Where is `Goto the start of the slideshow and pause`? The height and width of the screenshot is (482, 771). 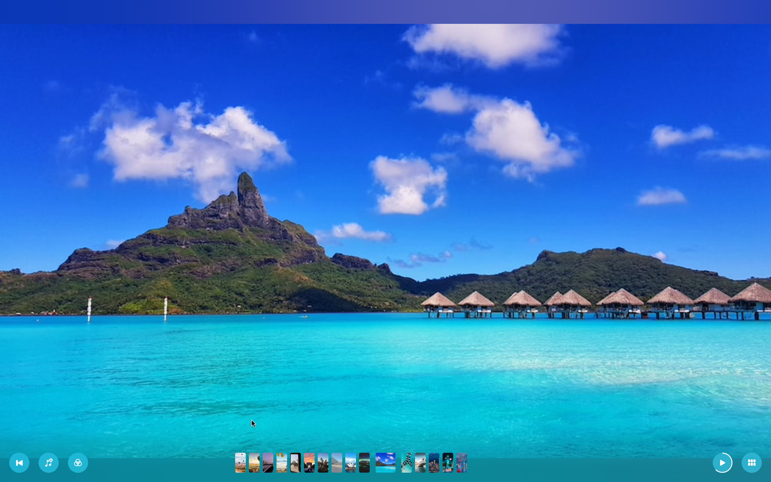 Goto the start of the slideshow and pause is located at coordinates (19, 463).